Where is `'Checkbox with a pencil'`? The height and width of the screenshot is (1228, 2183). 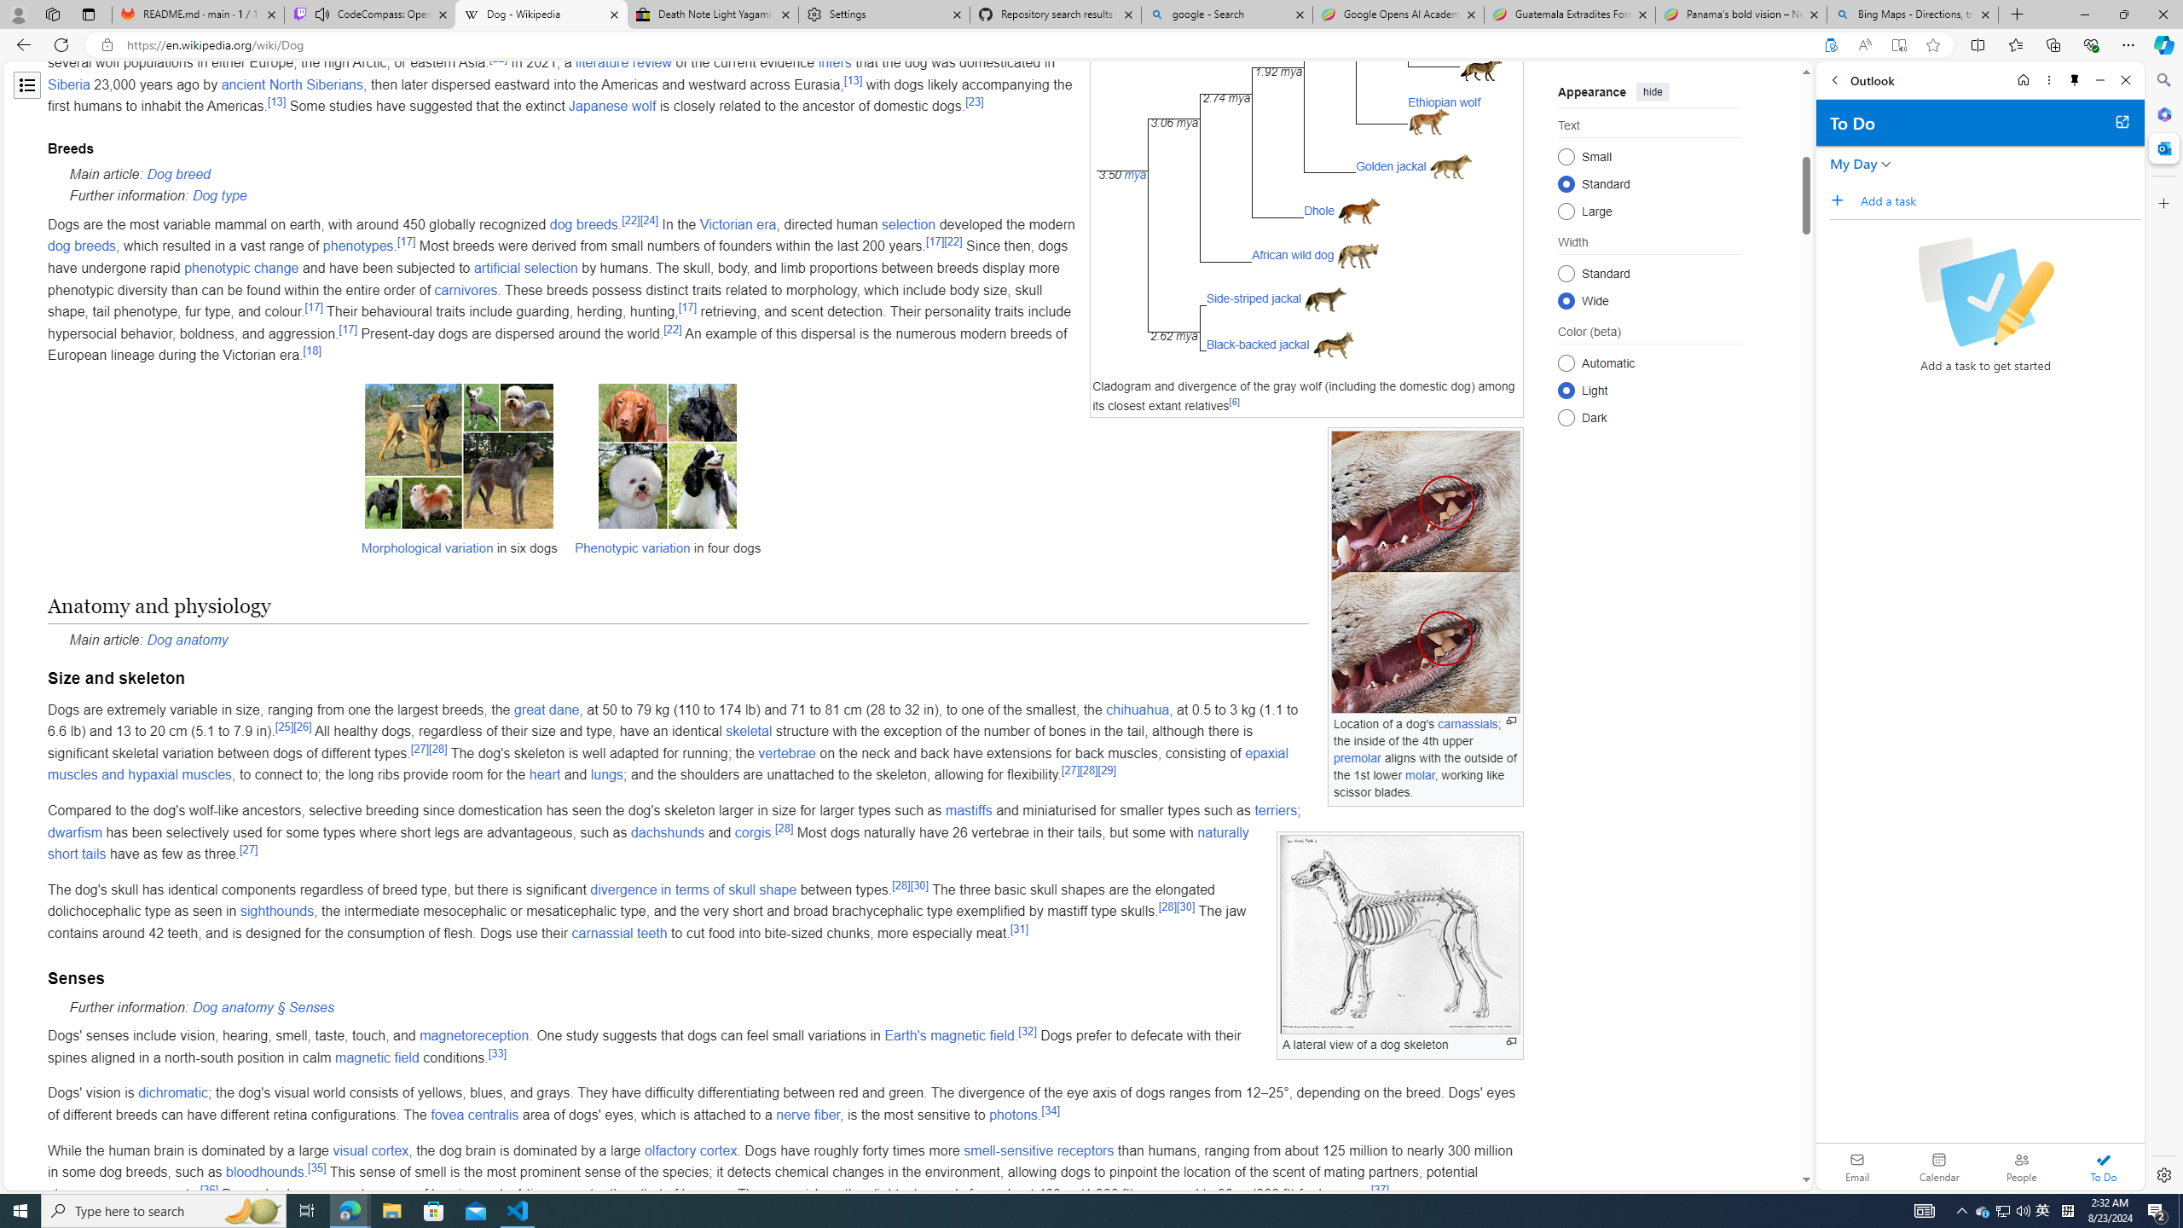 'Checkbox with a pencil' is located at coordinates (1984, 291).